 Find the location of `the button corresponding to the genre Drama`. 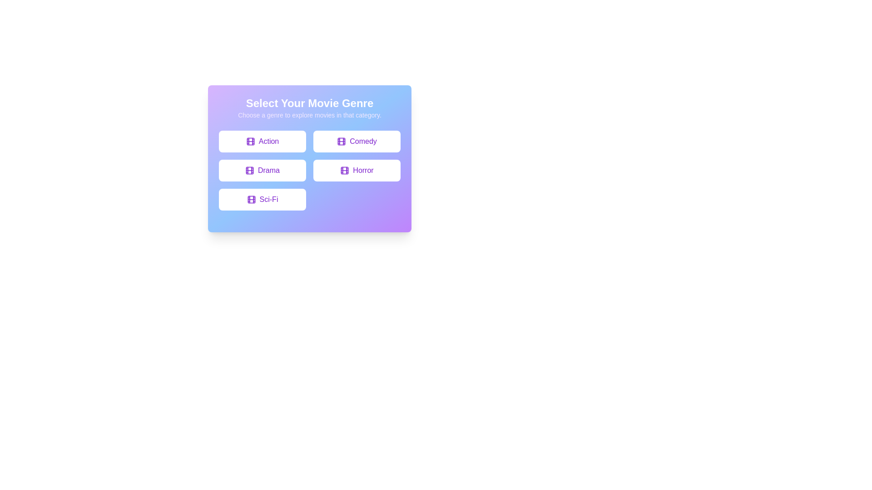

the button corresponding to the genre Drama is located at coordinates (262, 170).